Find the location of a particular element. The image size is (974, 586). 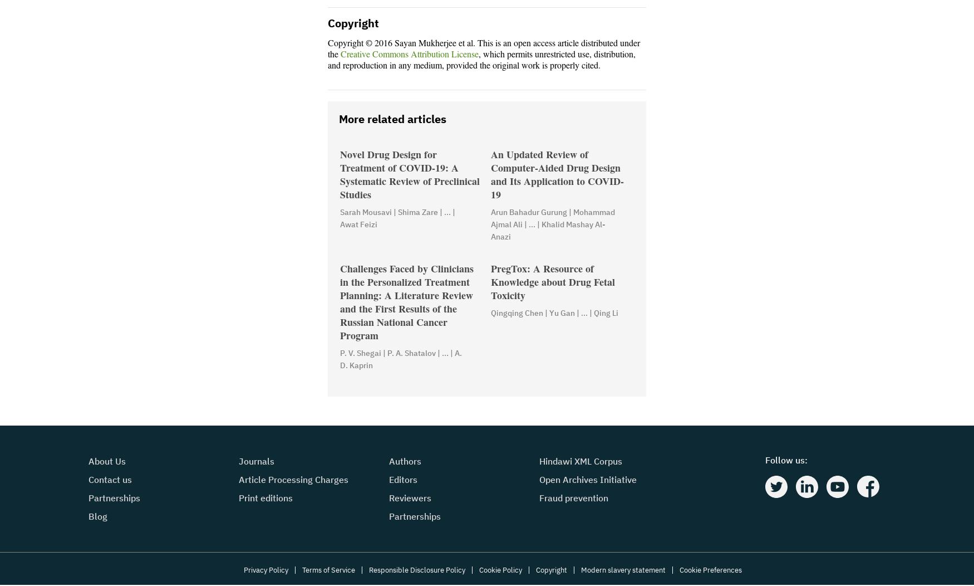

'Modern slavery statement' is located at coordinates (580, 570).